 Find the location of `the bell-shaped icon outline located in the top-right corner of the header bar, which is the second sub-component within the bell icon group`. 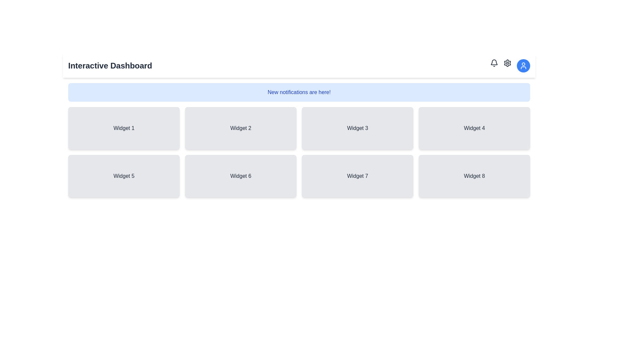

the bell-shaped icon outline located in the top-right corner of the header bar, which is the second sub-component within the bell icon group is located at coordinates (494, 62).